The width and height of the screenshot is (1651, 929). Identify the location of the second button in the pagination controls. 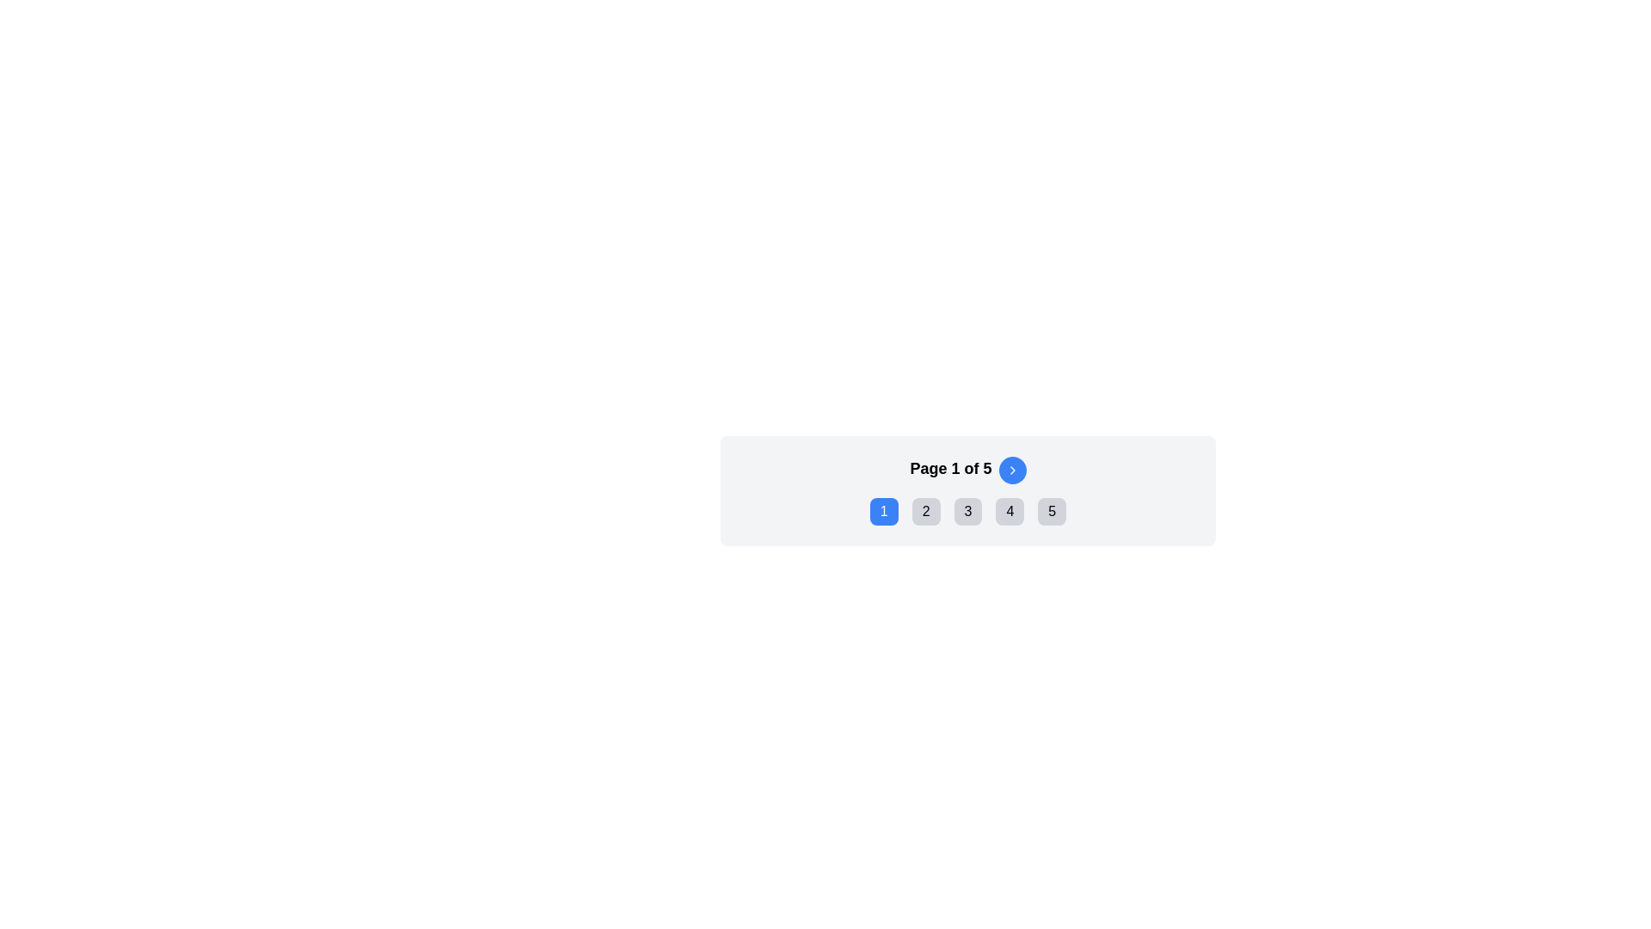
(925, 510).